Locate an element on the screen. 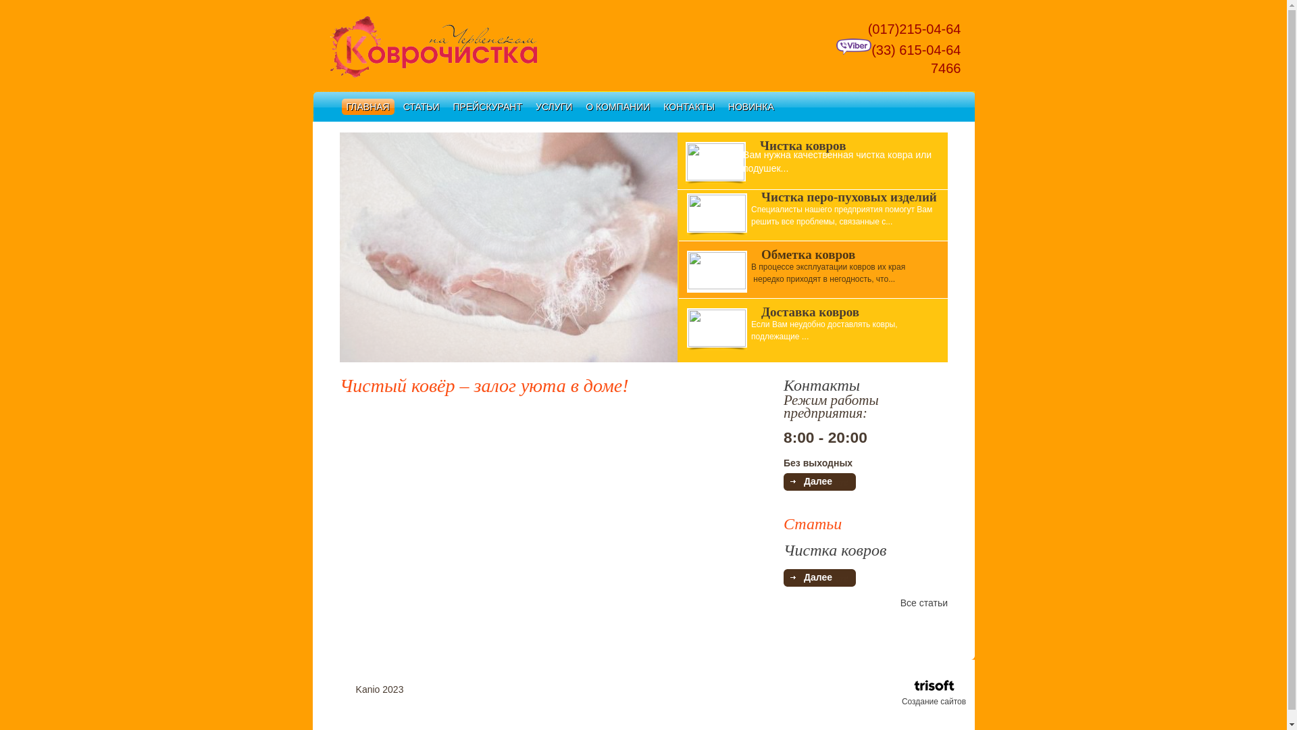  '7466' is located at coordinates (932, 68).